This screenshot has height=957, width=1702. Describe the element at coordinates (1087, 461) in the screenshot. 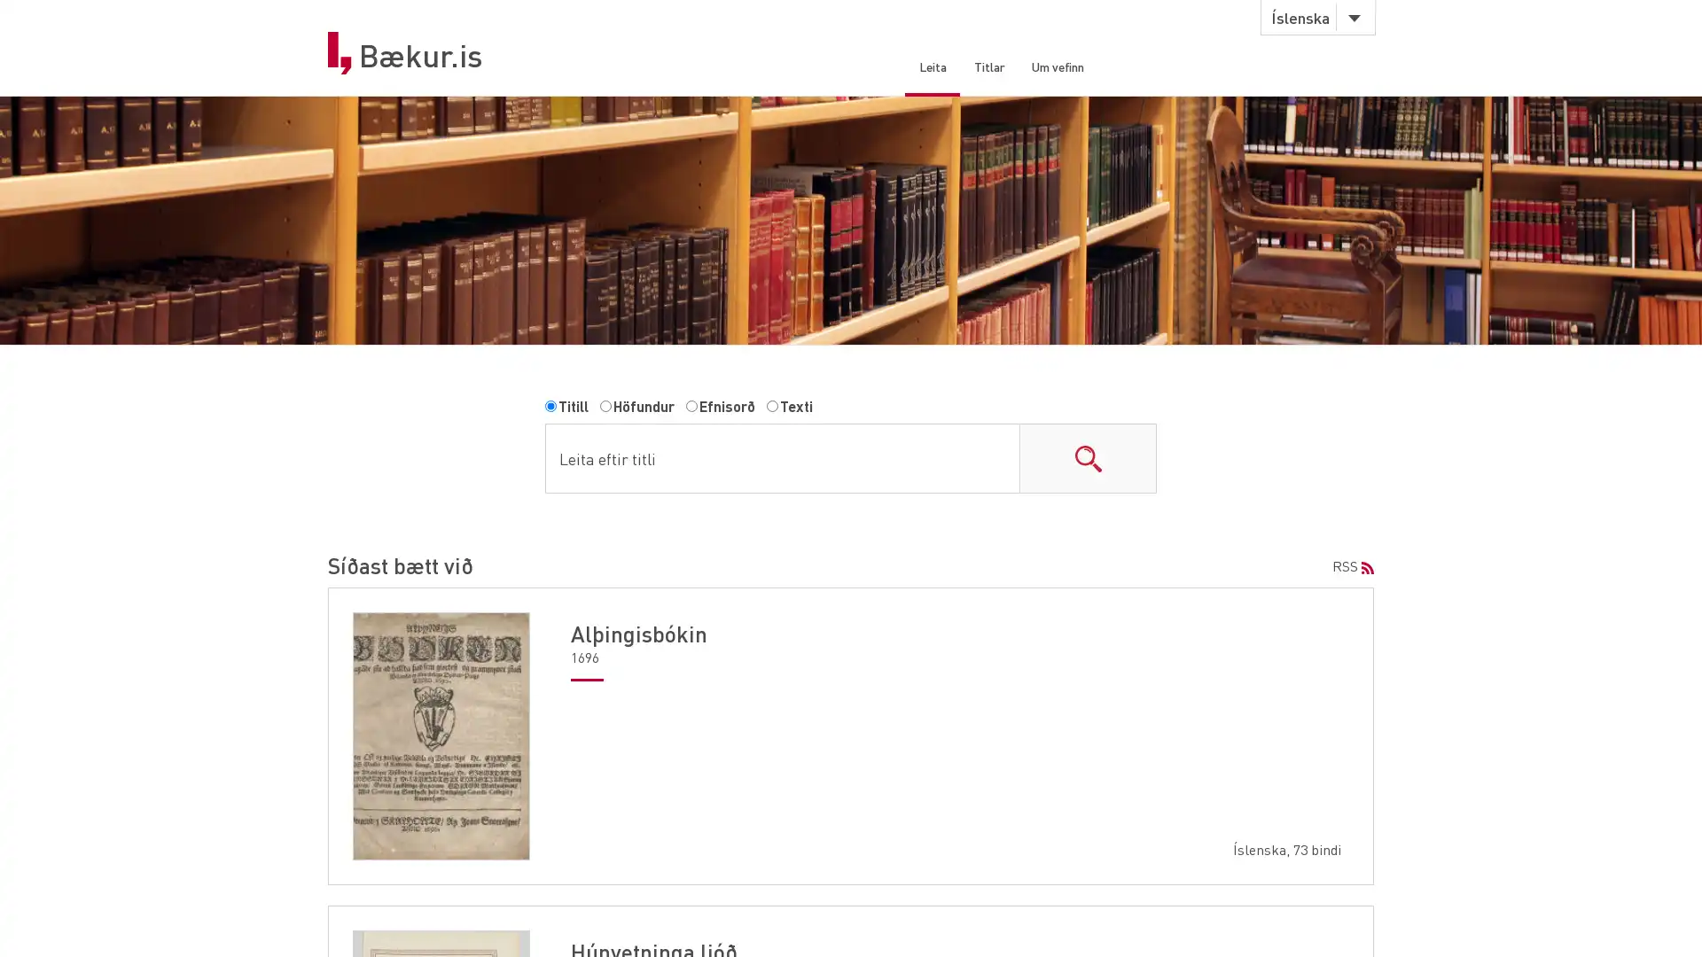

I see `search` at that location.